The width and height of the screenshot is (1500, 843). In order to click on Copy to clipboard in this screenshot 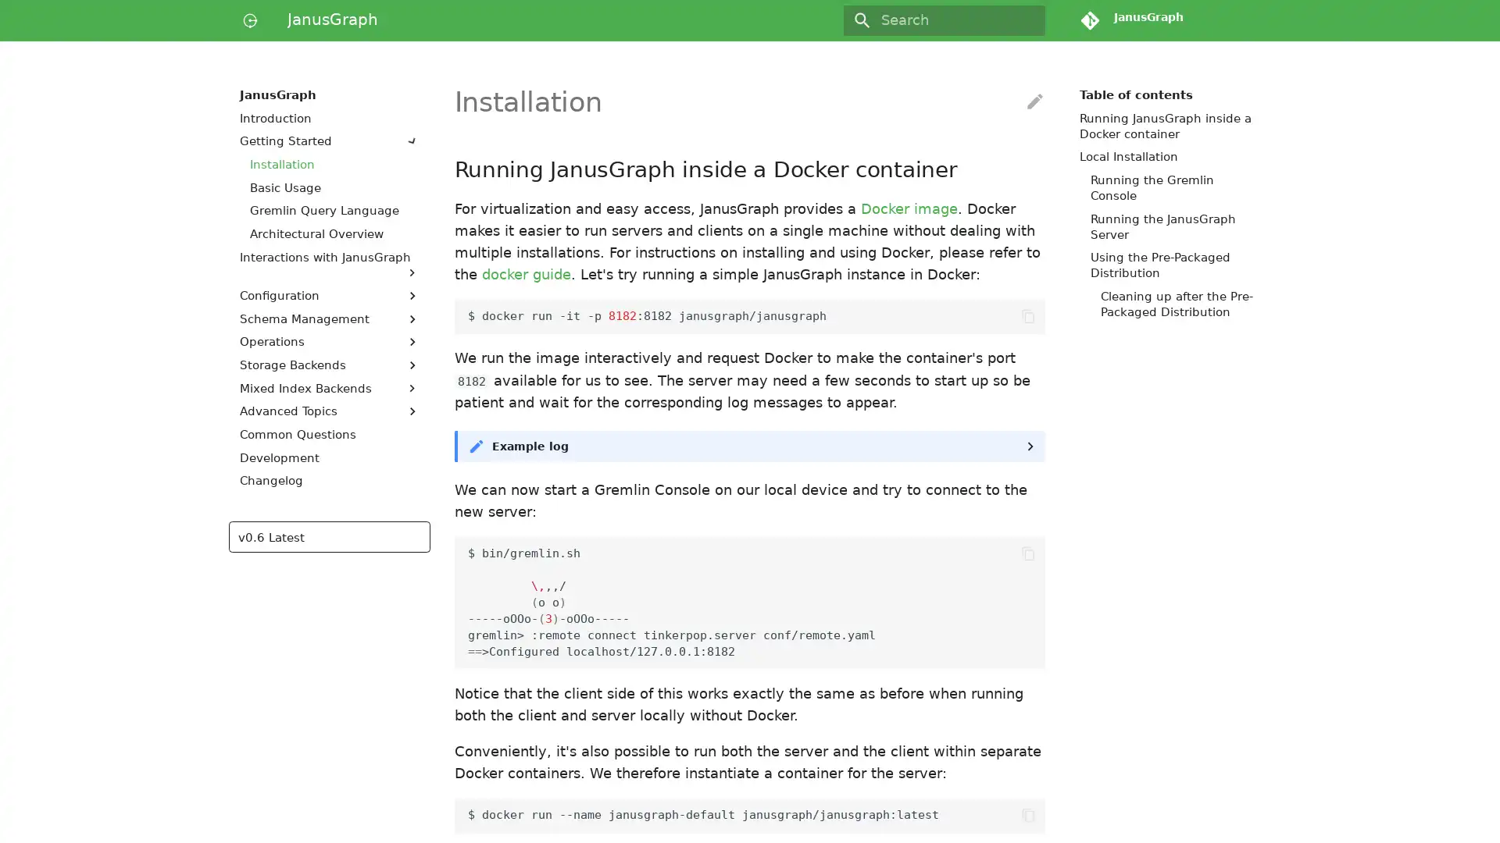, I will do `click(1027, 553)`.